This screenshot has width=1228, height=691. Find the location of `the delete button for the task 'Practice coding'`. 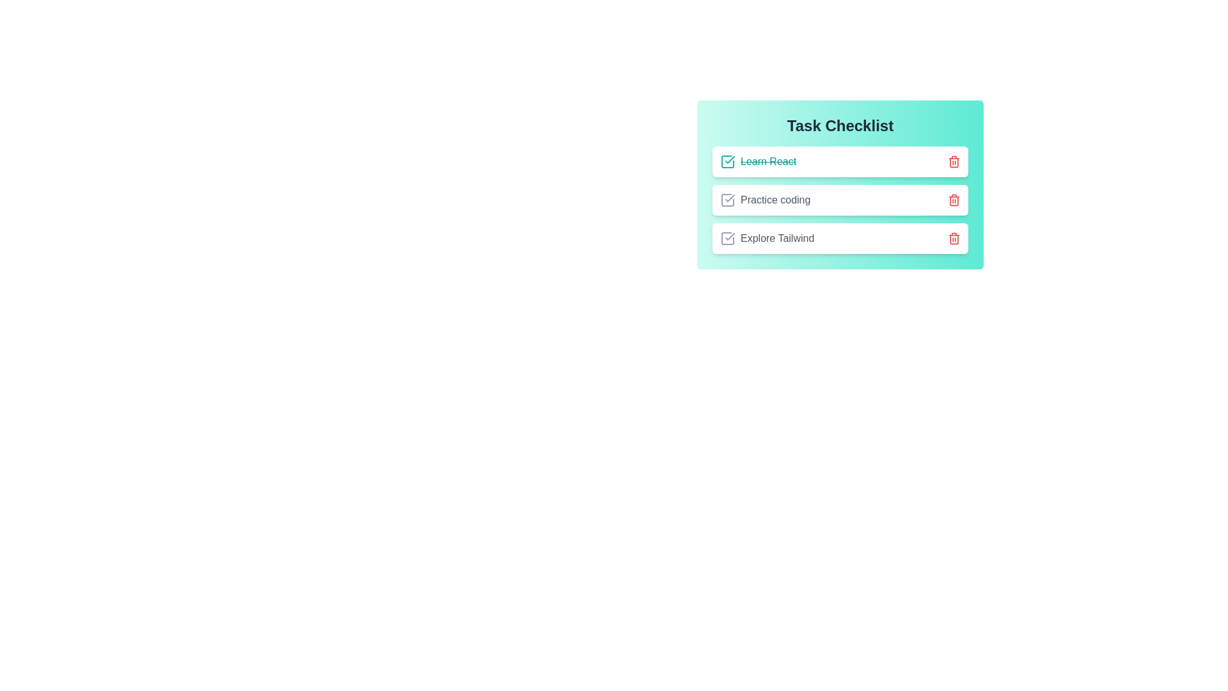

the delete button for the task 'Practice coding' is located at coordinates (954, 200).